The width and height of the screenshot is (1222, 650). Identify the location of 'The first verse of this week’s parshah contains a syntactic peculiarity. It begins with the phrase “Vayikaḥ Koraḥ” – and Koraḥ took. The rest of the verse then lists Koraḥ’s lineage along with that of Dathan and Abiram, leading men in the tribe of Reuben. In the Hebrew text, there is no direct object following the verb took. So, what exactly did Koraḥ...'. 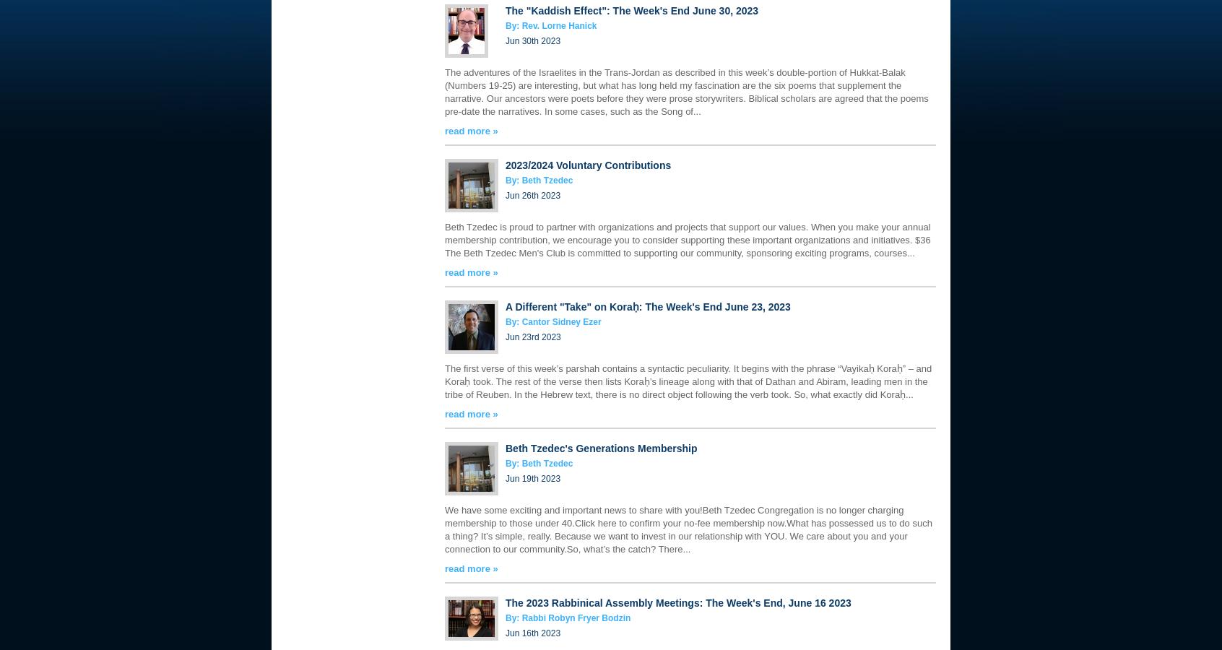
(688, 381).